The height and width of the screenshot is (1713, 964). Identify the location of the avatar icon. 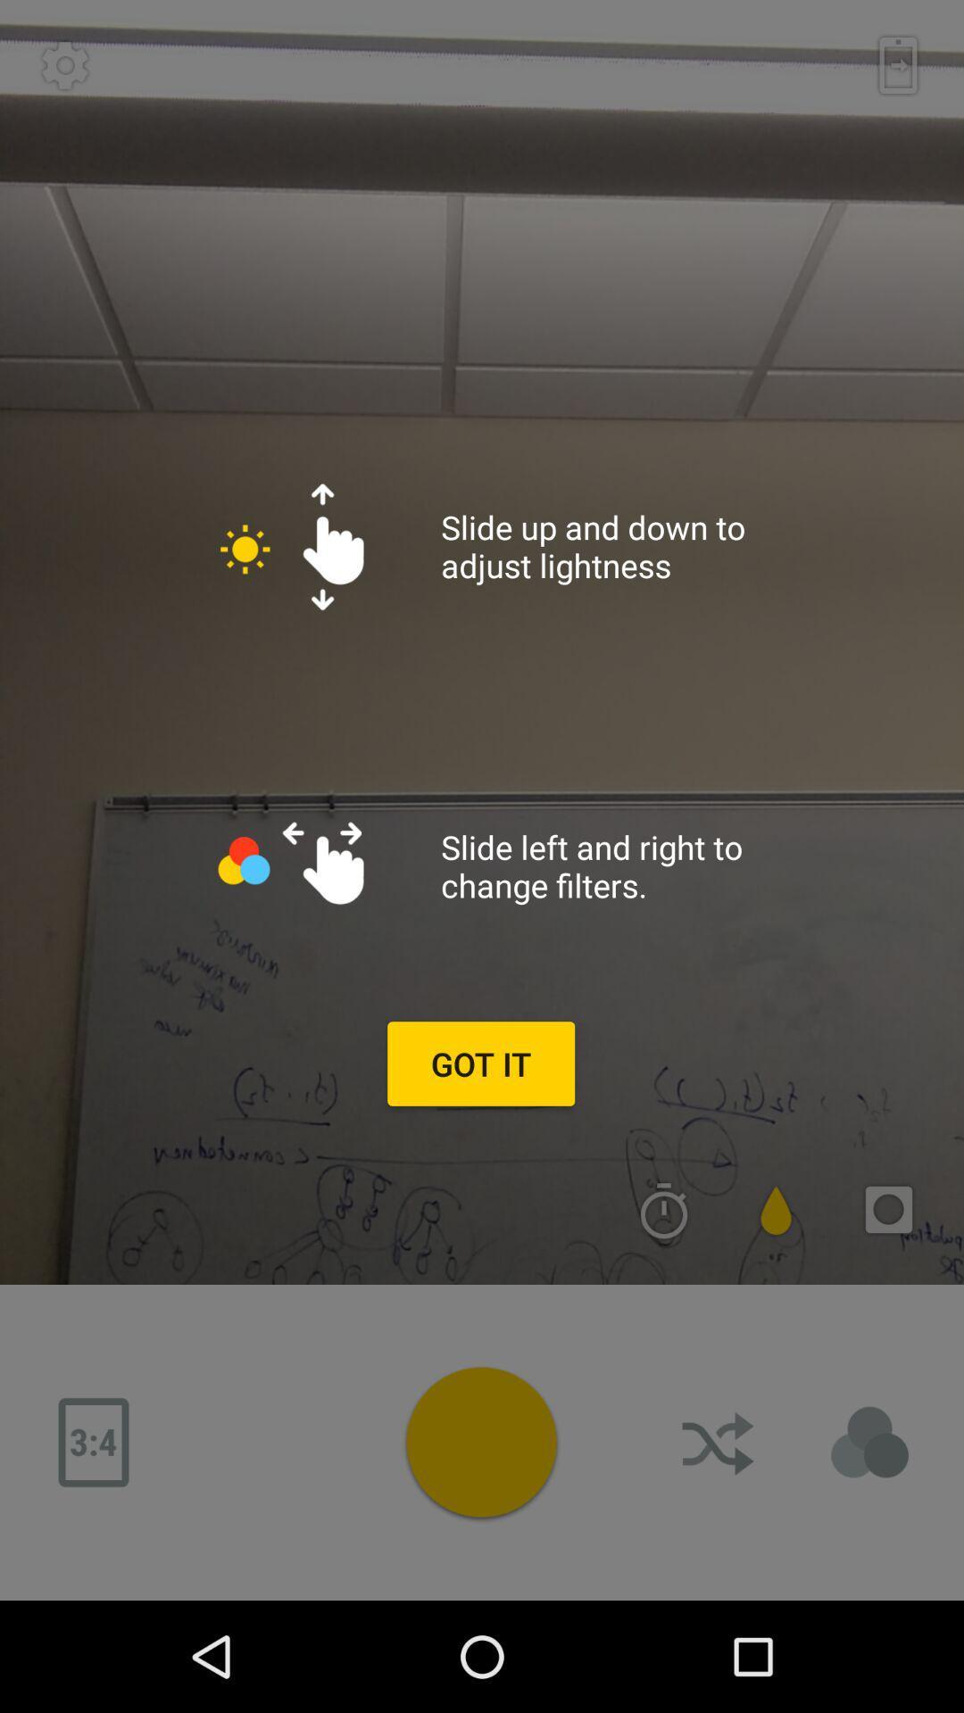
(869, 1443).